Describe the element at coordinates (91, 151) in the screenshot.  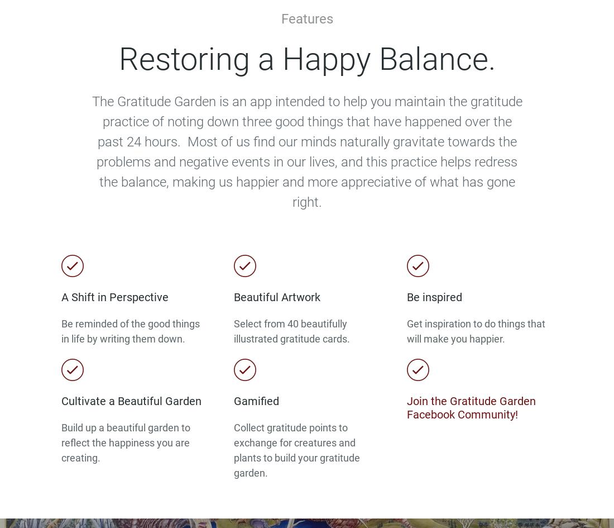
I see `'The Gratitude Garden is an app intended to help you maintain the gratitude practice of noting down three good things that have happened over the past 24 hours.  Most of us find our minds naturally gravitate towards the problems and negative events in our lives, and this practice helps redress the balance, making us happier and more appreciative of what has gone right.'` at that location.